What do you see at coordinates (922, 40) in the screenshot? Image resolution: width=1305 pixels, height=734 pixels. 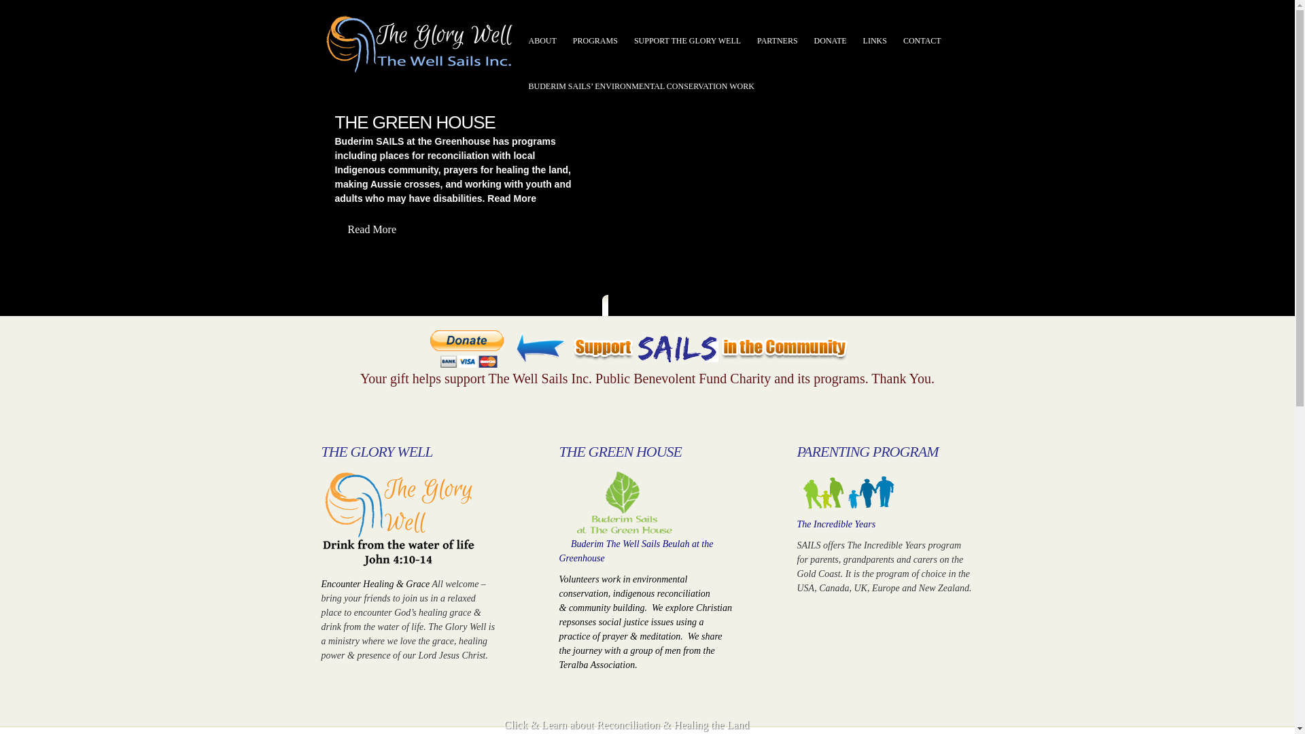 I see `'CONTACT'` at bounding box center [922, 40].